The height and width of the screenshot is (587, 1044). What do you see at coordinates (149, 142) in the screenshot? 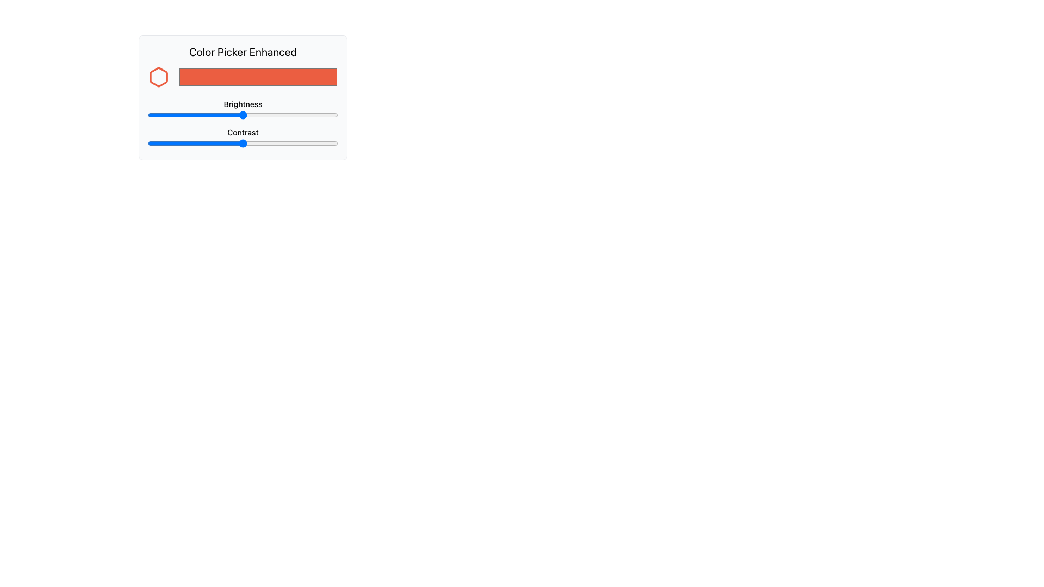
I see `the contrast value` at bounding box center [149, 142].